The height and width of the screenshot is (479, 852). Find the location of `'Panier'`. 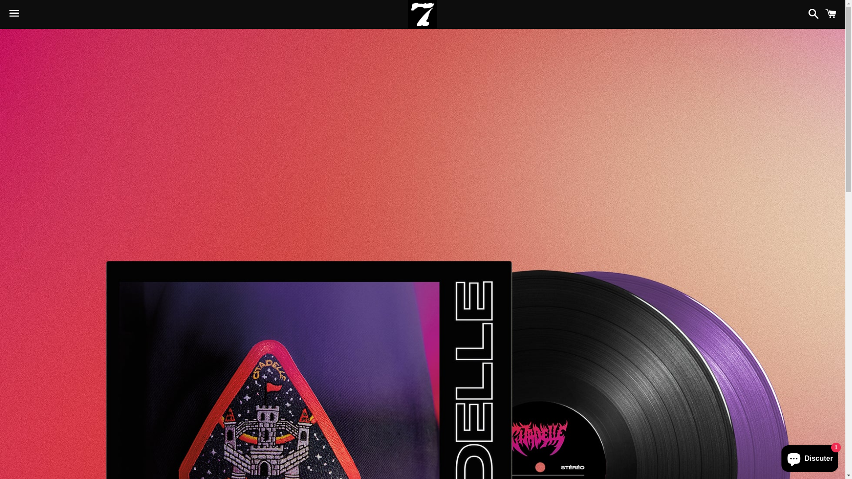

'Panier' is located at coordinates (830, 14).